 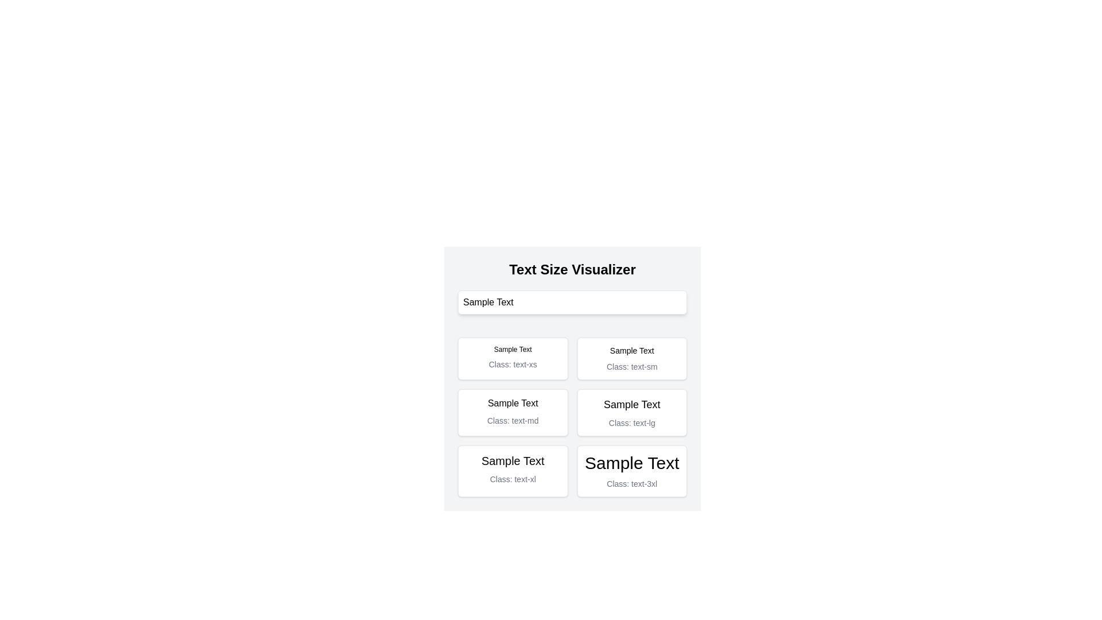 What do you see at coordinates (631, 423) in the screenshot?
I see `static text element displaying 'Class: text-lg' which is styled in gray color and positioned beneath 'Sample Text'` at bounding box center [631, 423].